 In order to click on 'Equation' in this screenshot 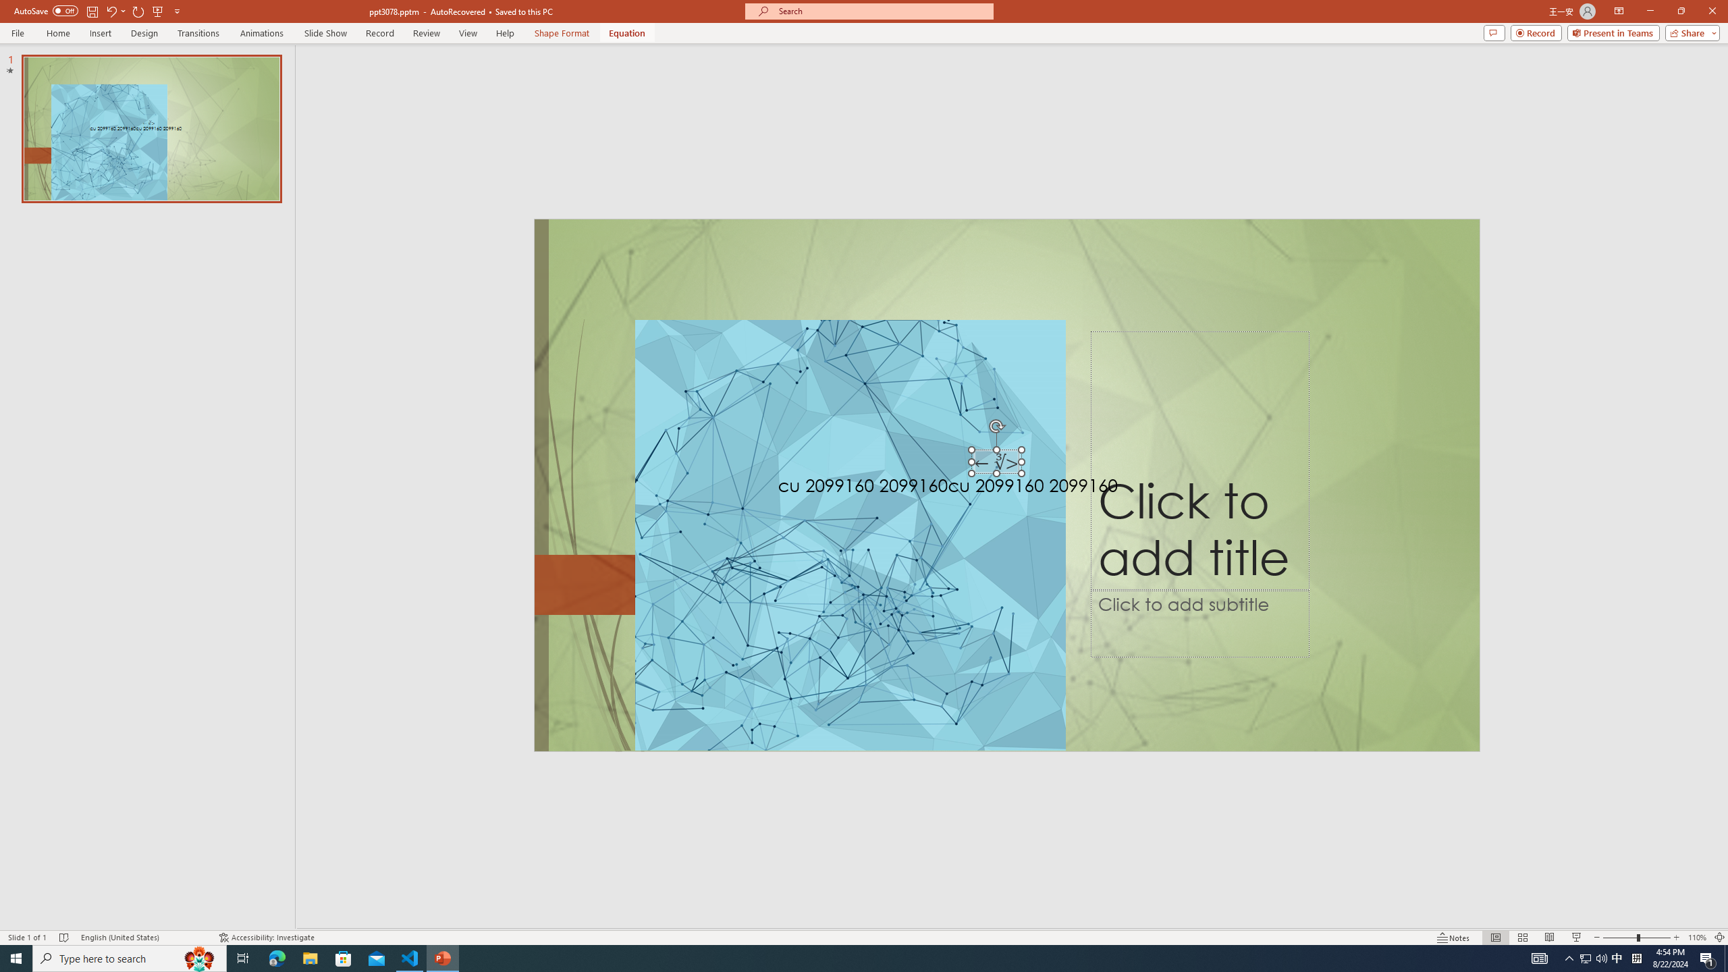, I will do `click(627, 33)`.